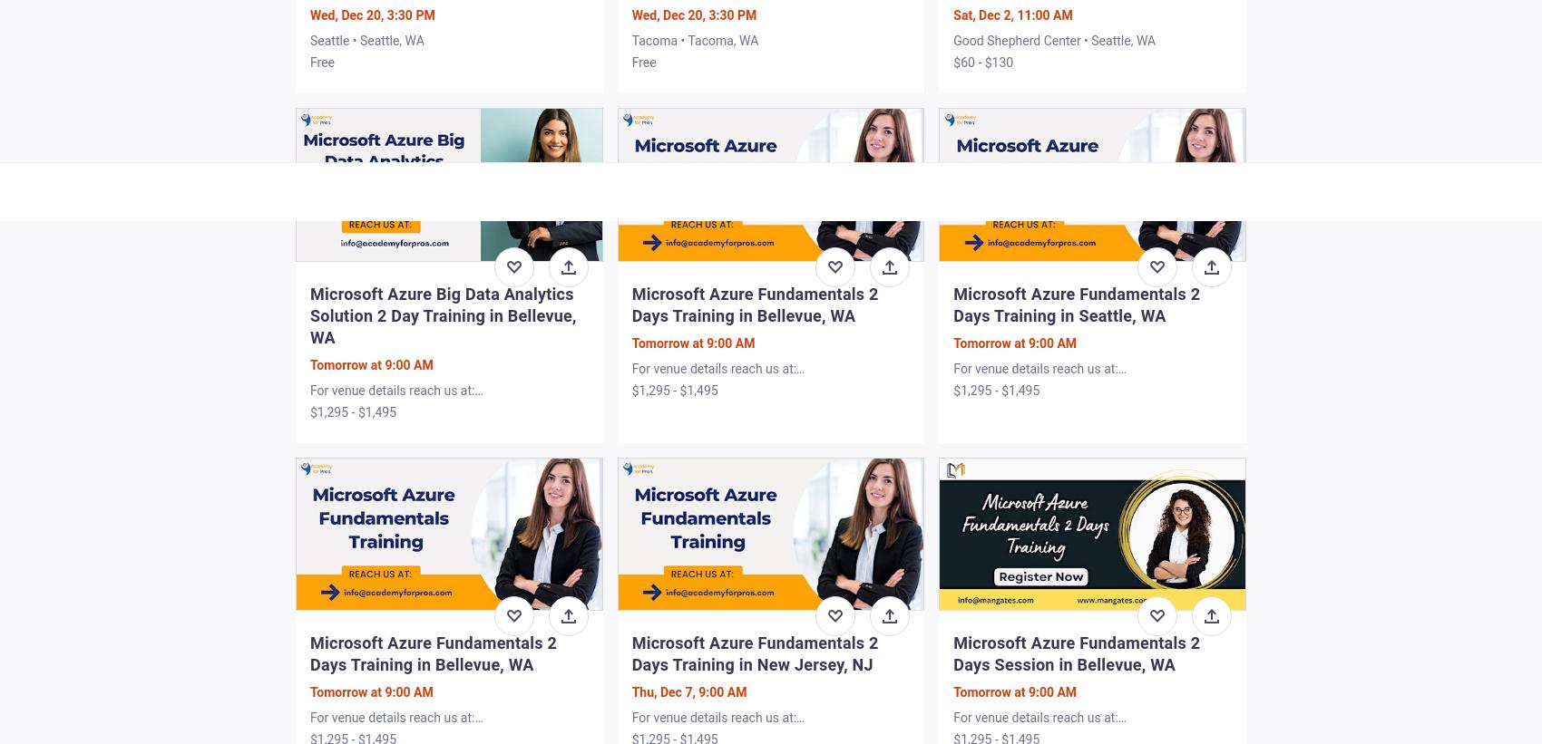  I want to click on 'Tacoma • Tacoma, WA', so click(694, 39).